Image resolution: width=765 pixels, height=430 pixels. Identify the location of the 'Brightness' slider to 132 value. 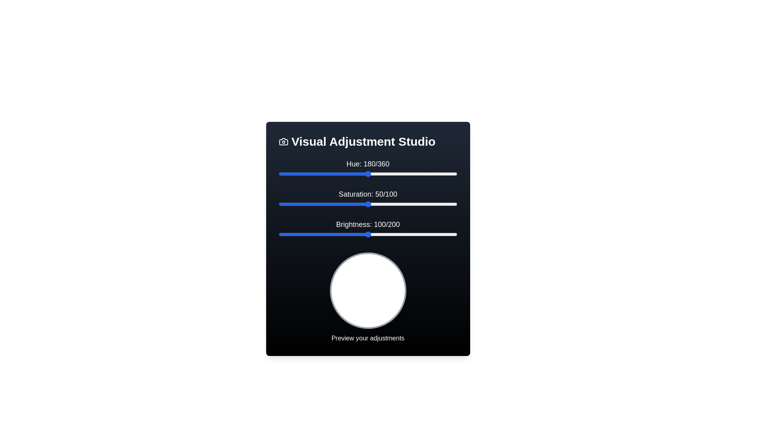
(396, 234).